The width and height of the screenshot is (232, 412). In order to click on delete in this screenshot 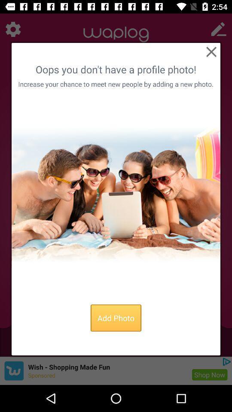, I will do `click(211, 51)`.